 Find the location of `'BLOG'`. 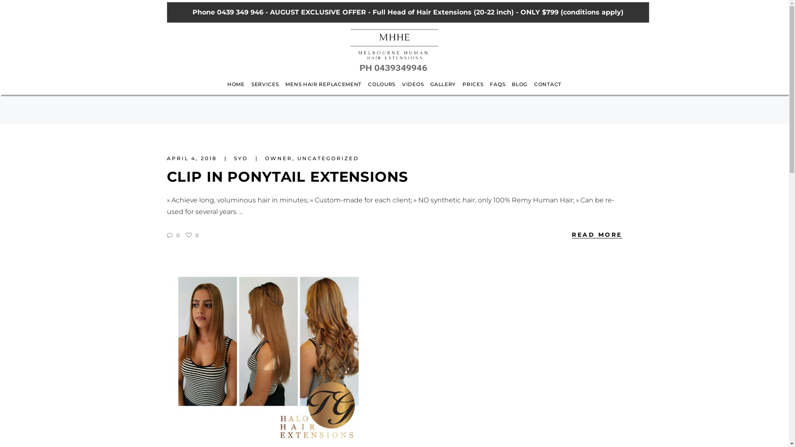

'BLOG' is located at coordinates (519, 89).